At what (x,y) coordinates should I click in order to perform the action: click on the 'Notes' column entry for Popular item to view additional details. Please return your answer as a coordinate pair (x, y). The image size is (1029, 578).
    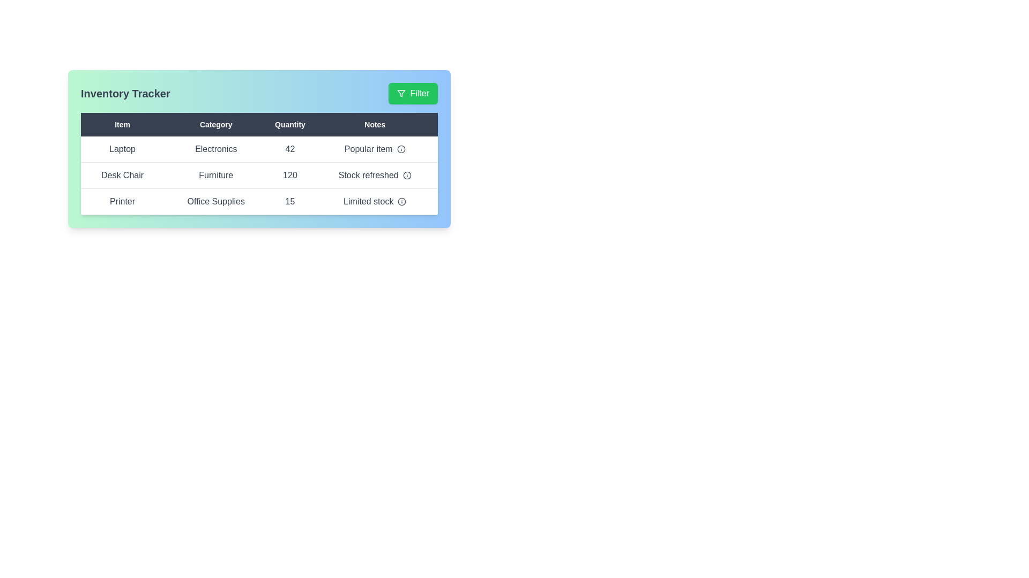
    Looking at the image, I should click on (375, 149).